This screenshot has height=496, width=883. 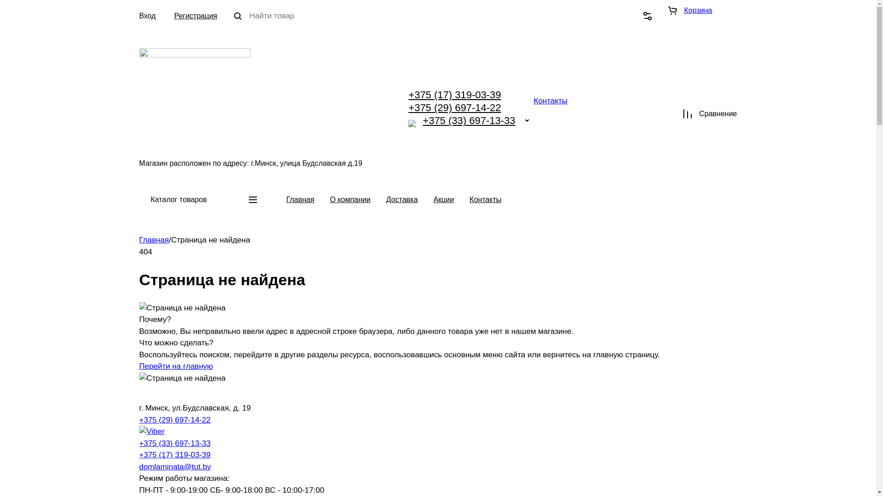 What do you see at coordinates (151, 432) in the screenshot?
I see `'Viber'` at bounding box center [151, 432].